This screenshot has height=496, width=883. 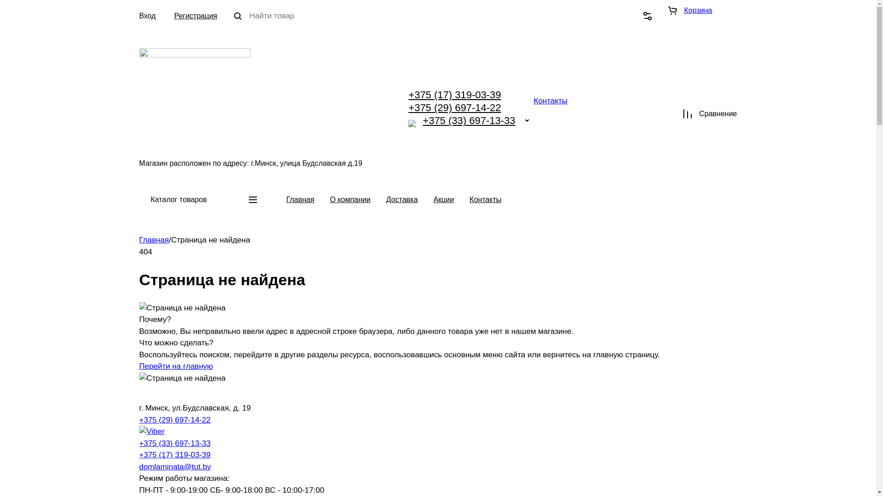 What do you see at coordinates (151, 432) in the screenshot?
I see `'Viber'` at bounding box center [151, 432].